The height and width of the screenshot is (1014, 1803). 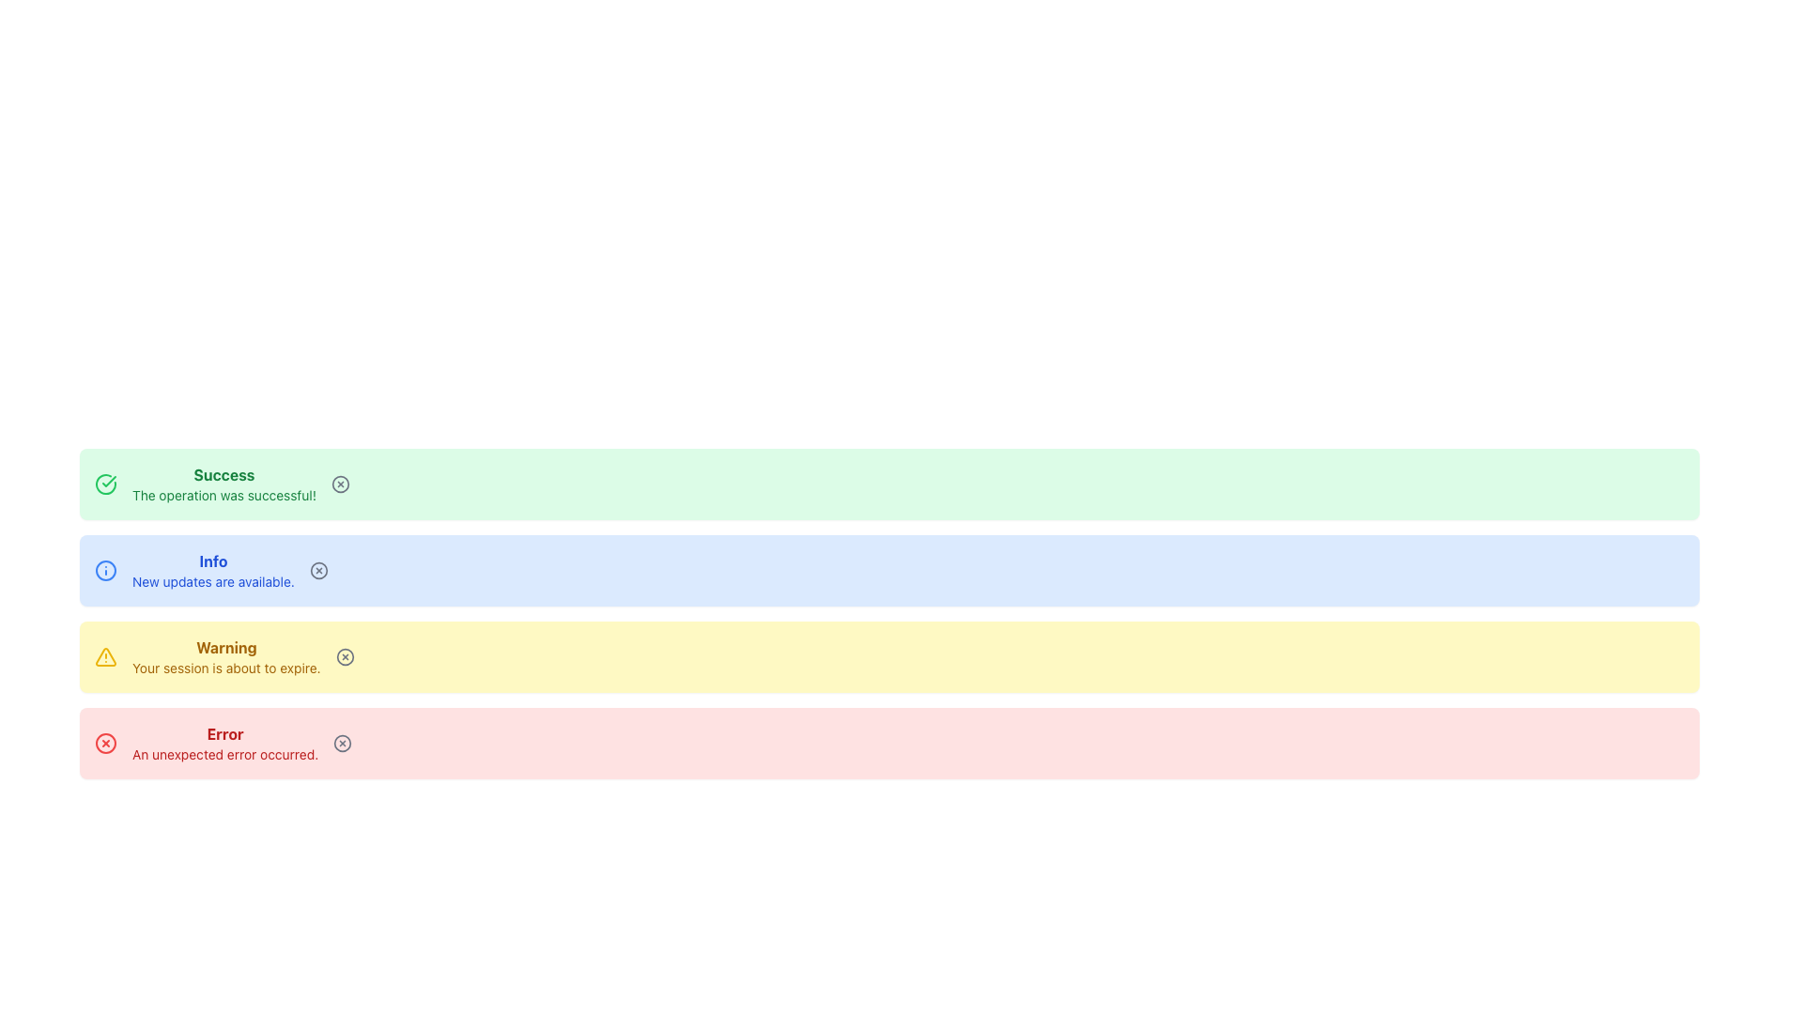 I want to click on the circular close button on the right end of the success alert bar, so click(x=340, y=484).